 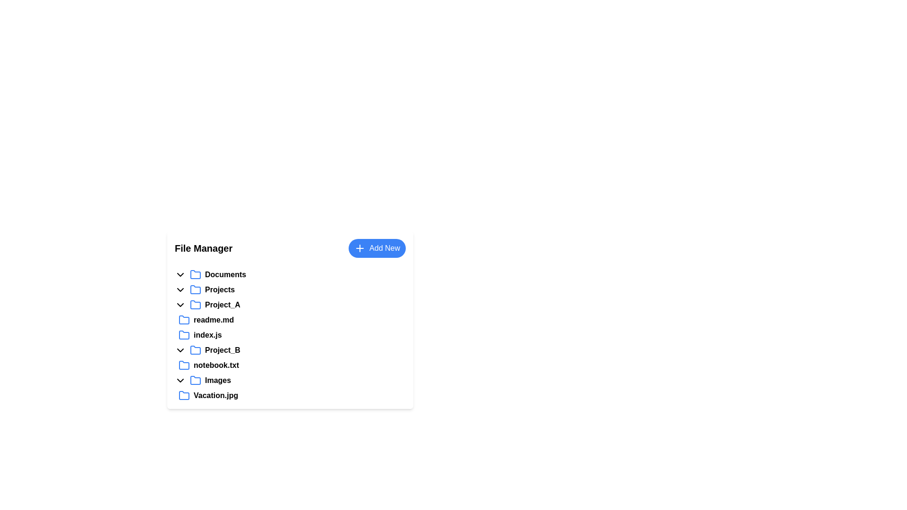 What do you see at coordinates (215, 395) in the screenshot?
I see `the text label representing a file name in the file manager interface, positioned to the right of a folder icon` at bounding box center [215, 395].